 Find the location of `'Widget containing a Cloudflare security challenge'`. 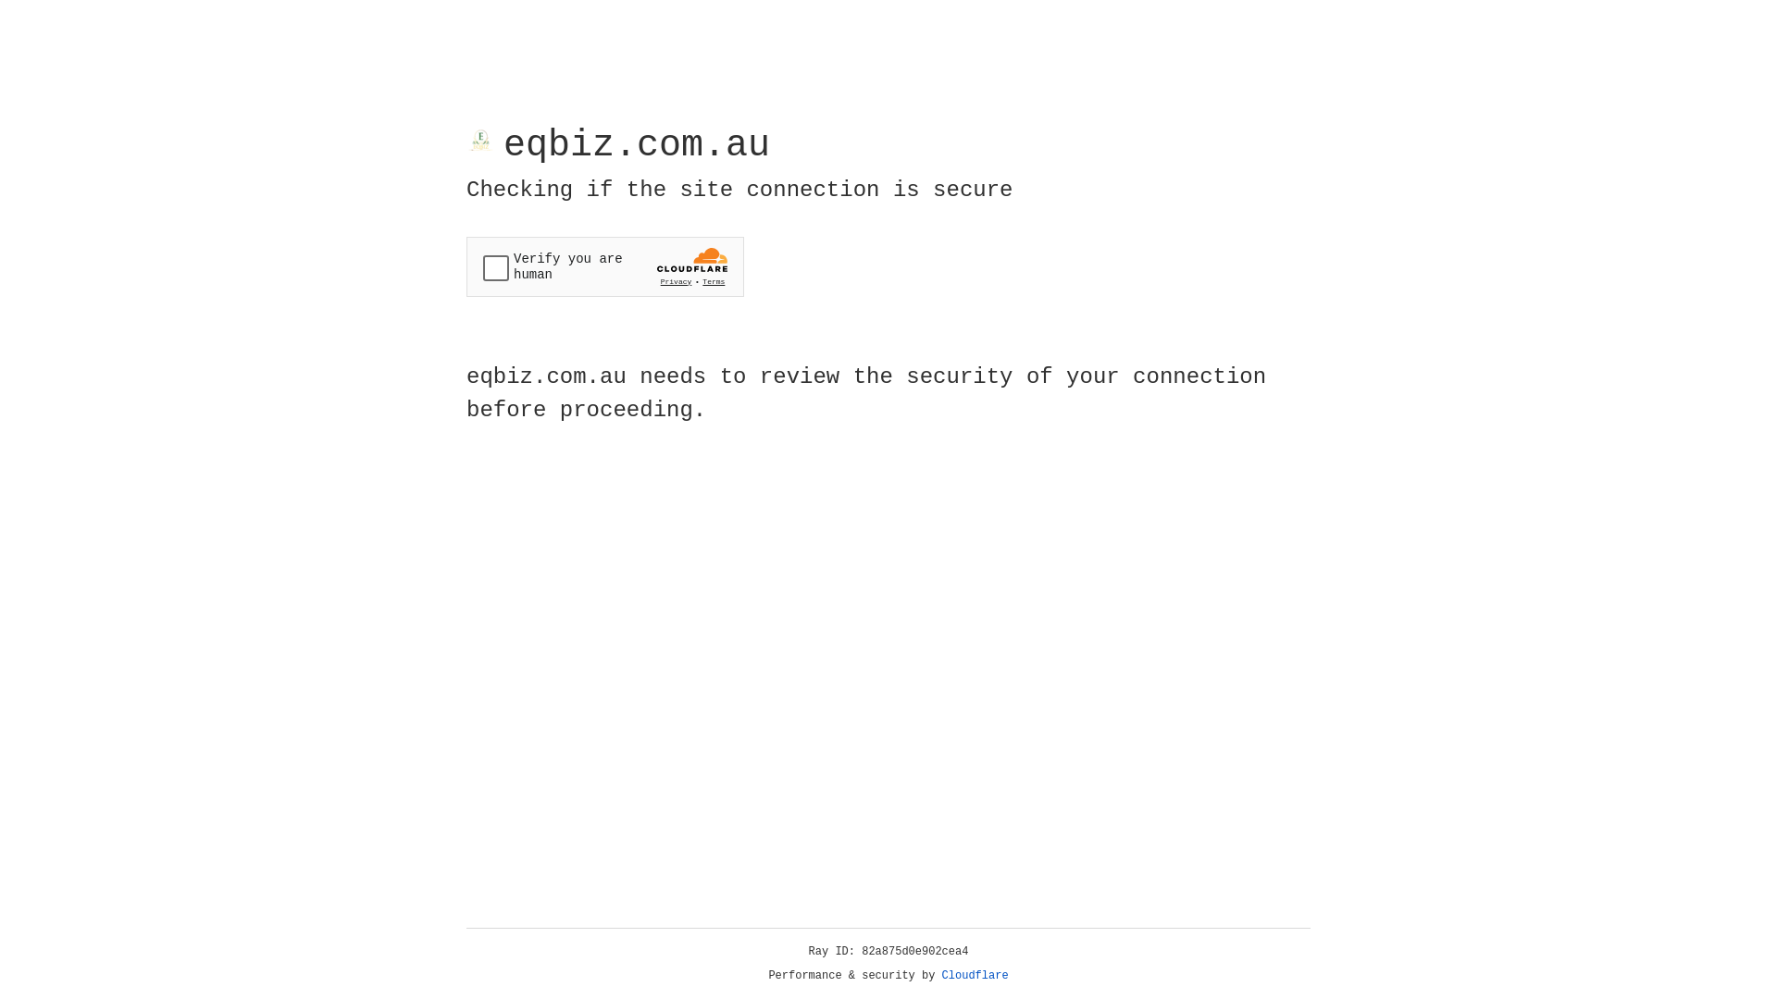

'Widget containing a Cloudflare security challenge' is located at coordinates (604, 266).